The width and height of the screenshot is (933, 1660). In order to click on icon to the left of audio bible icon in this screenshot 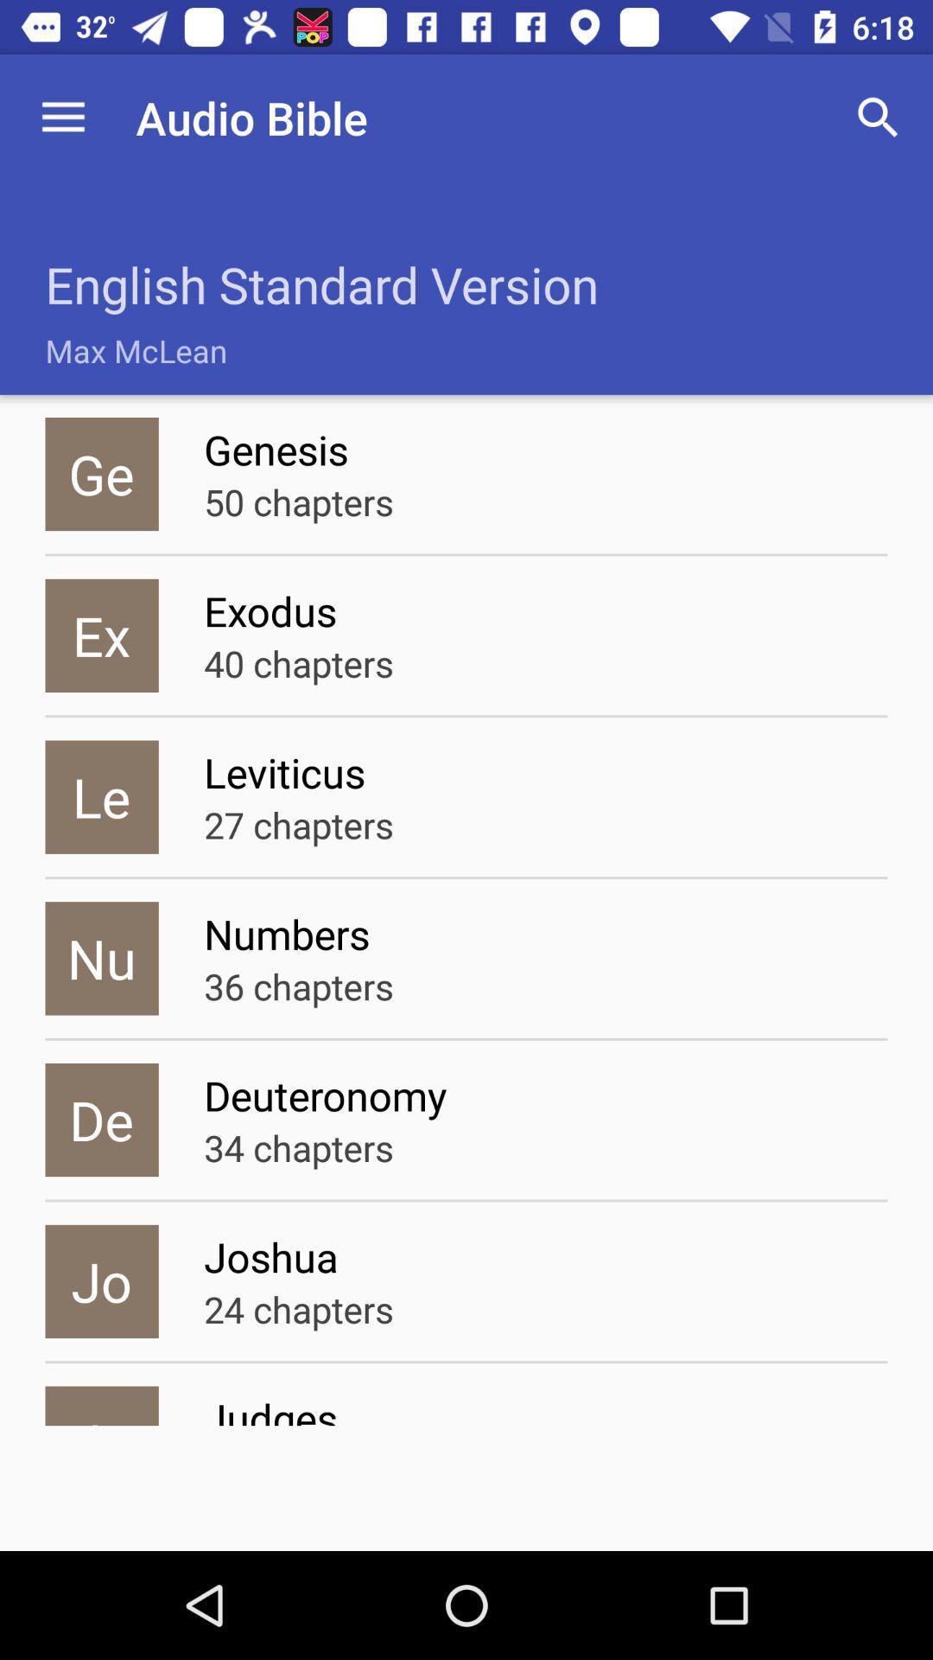, I will do `click(62, 117)`.